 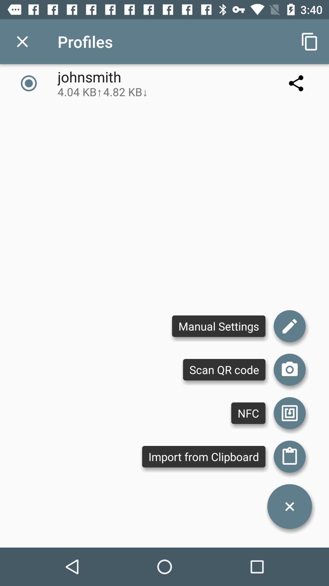 I want to click on scan qr code item, so click(x=224, y=369).